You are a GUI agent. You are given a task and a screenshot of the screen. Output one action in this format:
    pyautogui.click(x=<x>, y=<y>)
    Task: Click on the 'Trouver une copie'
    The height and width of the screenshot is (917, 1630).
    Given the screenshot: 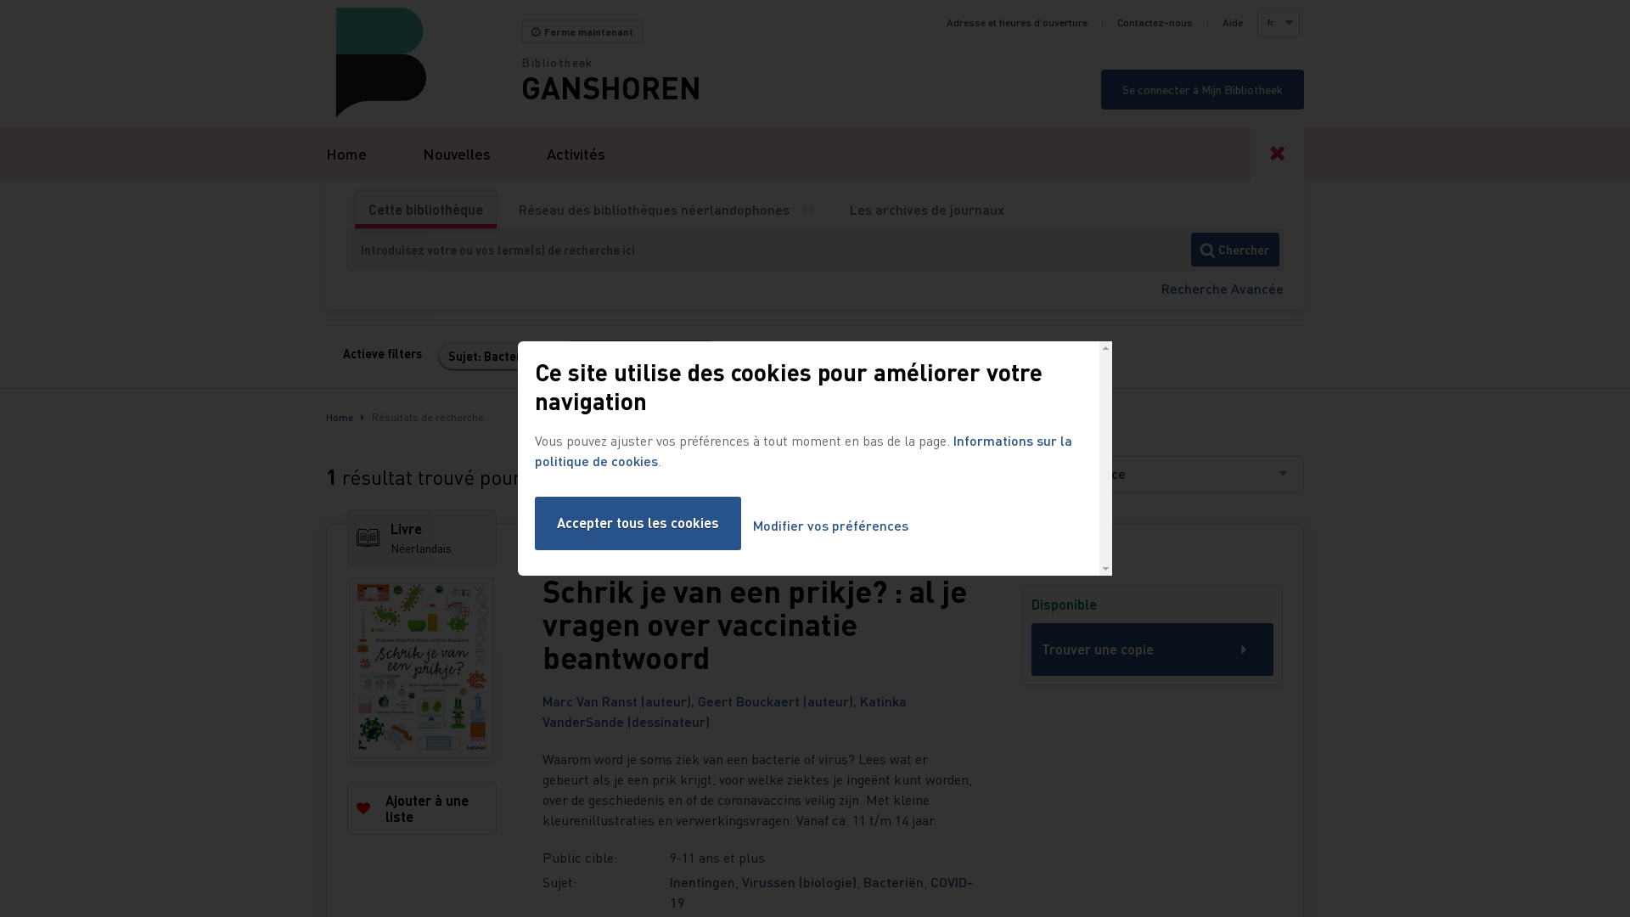 What is the action you would take?
    pyautogui.click(x=1152, y=649)
    